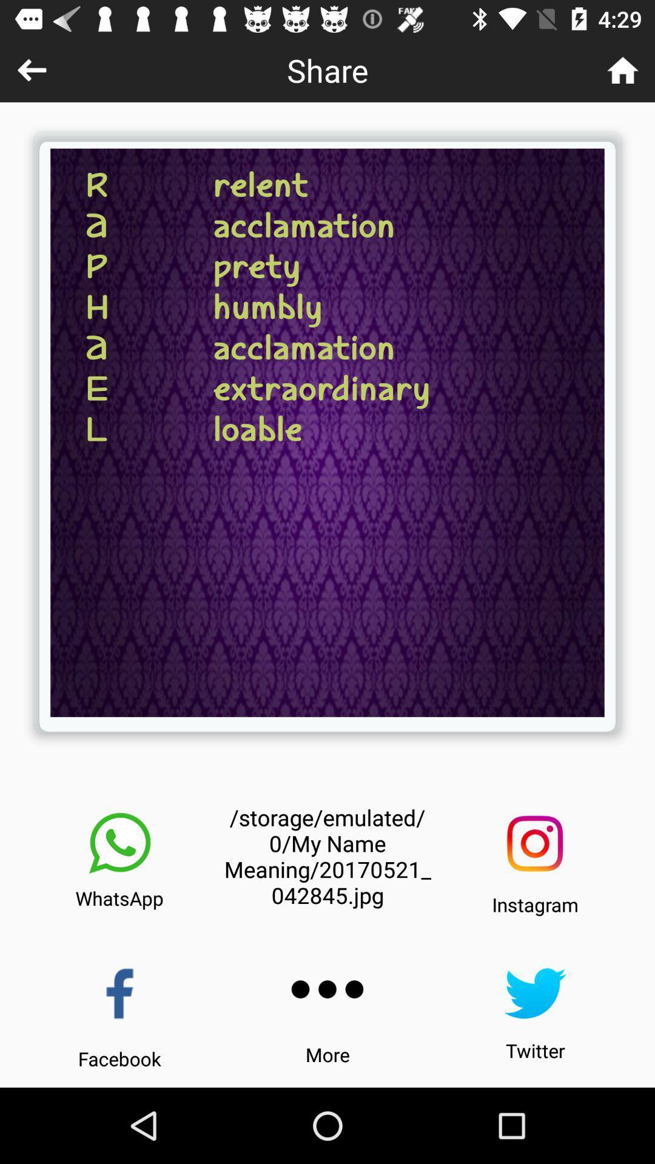 The width and height of the screenshot is (655, 1164). I want to click on home screen, so click(623, 69).